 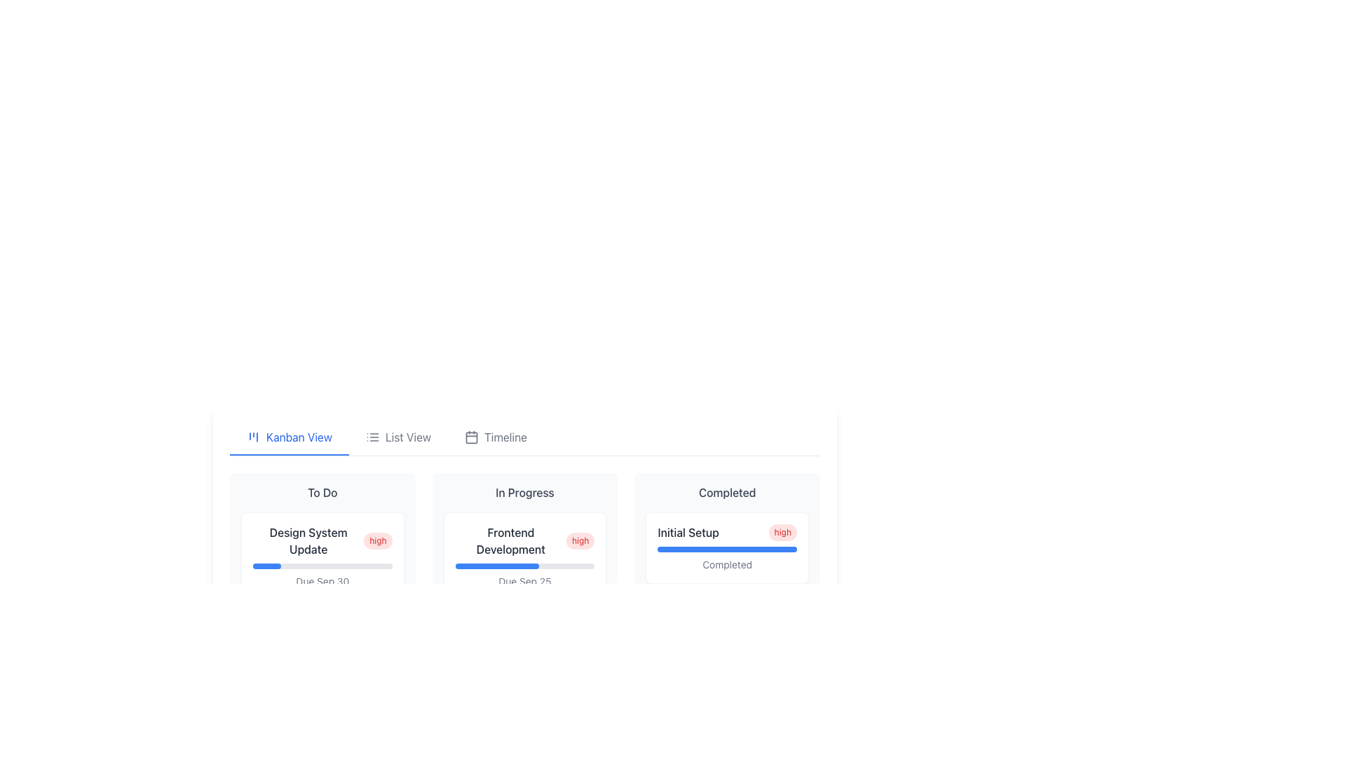 What do you see at coordinates (524, 587) in the screenshot?
I see `a task card within the 'In Progress' column of the Kanban board` at bounding box center [524, 587].